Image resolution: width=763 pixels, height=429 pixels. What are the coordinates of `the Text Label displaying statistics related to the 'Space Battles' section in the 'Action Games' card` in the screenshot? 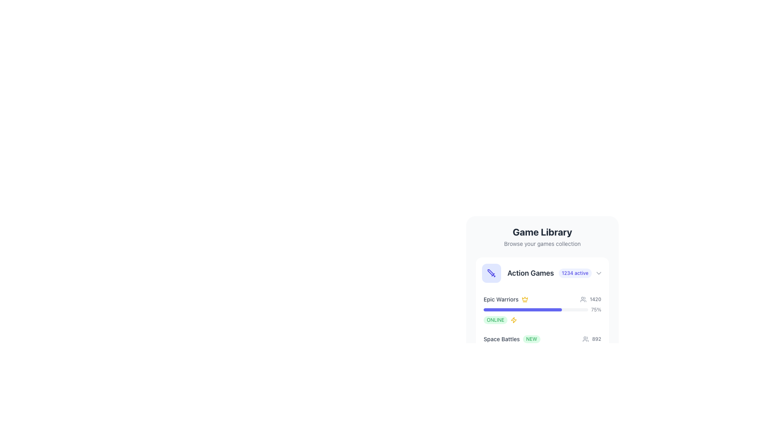 It's located at (592, 339).